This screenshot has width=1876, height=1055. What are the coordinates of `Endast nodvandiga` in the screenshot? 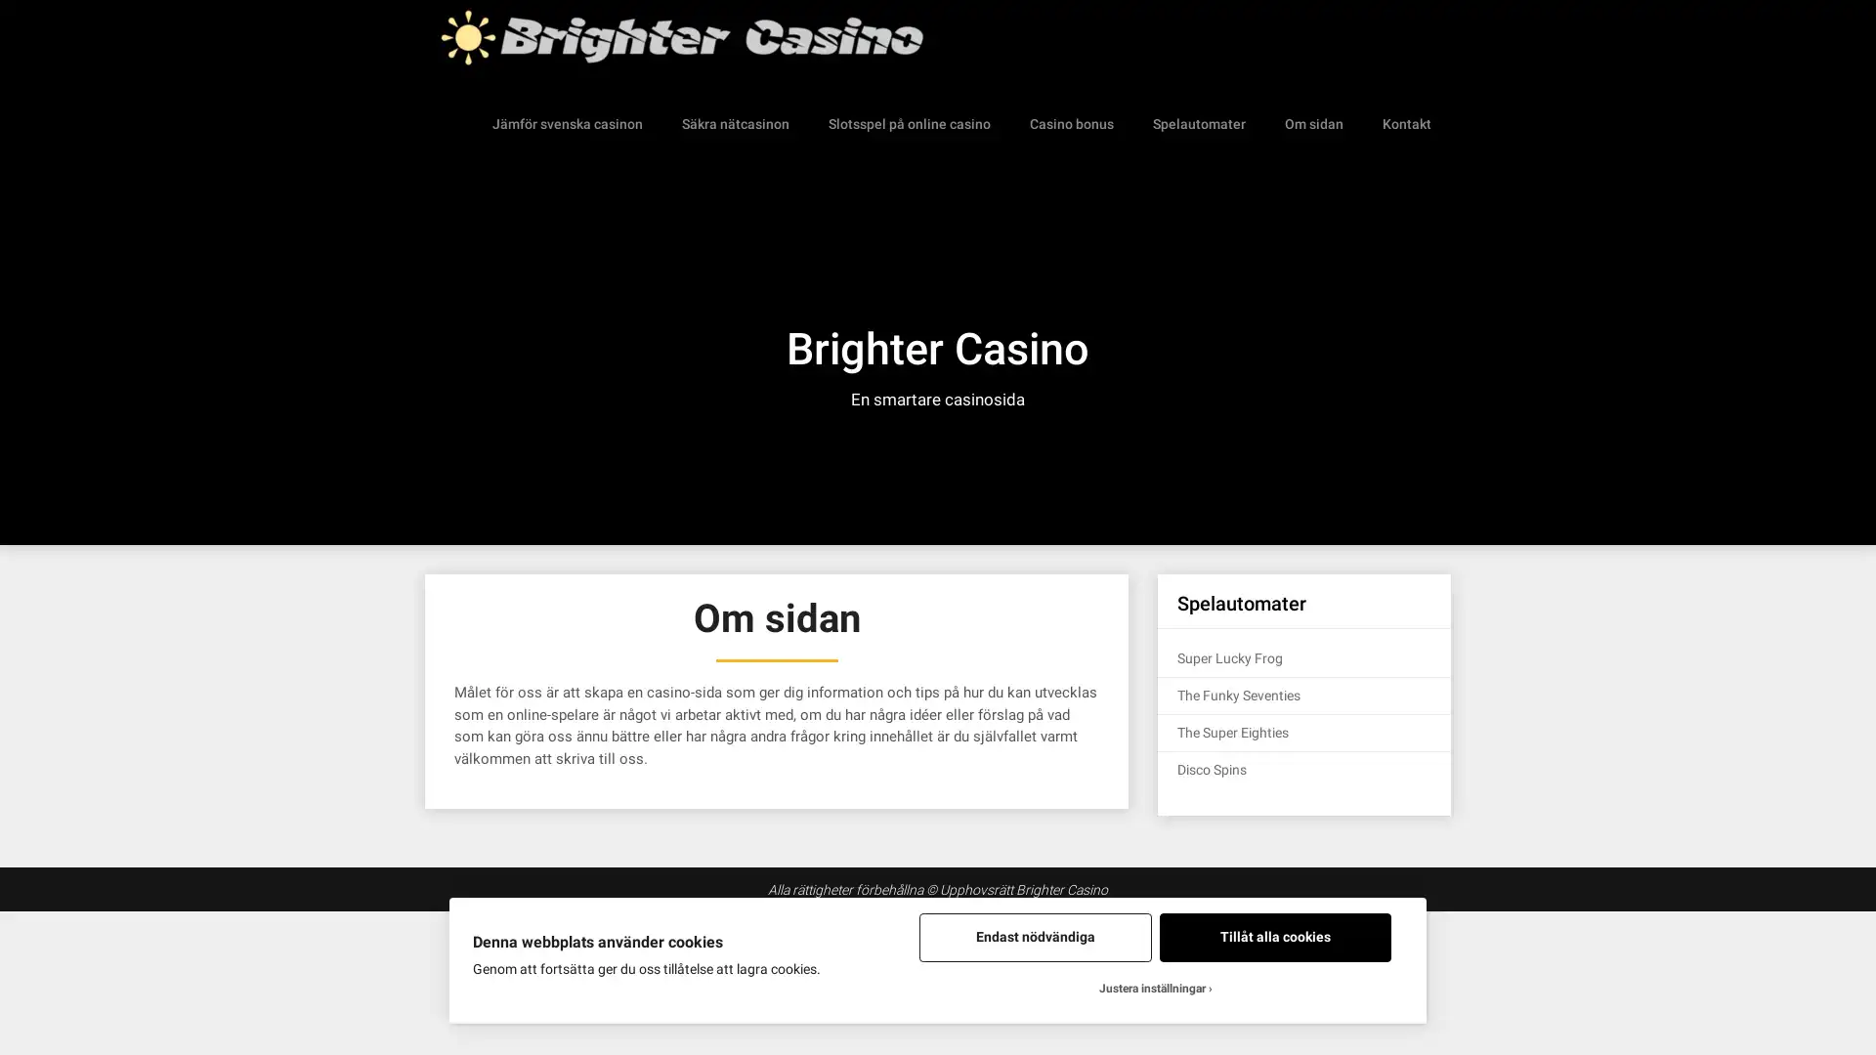 It's located at (1034, 936).